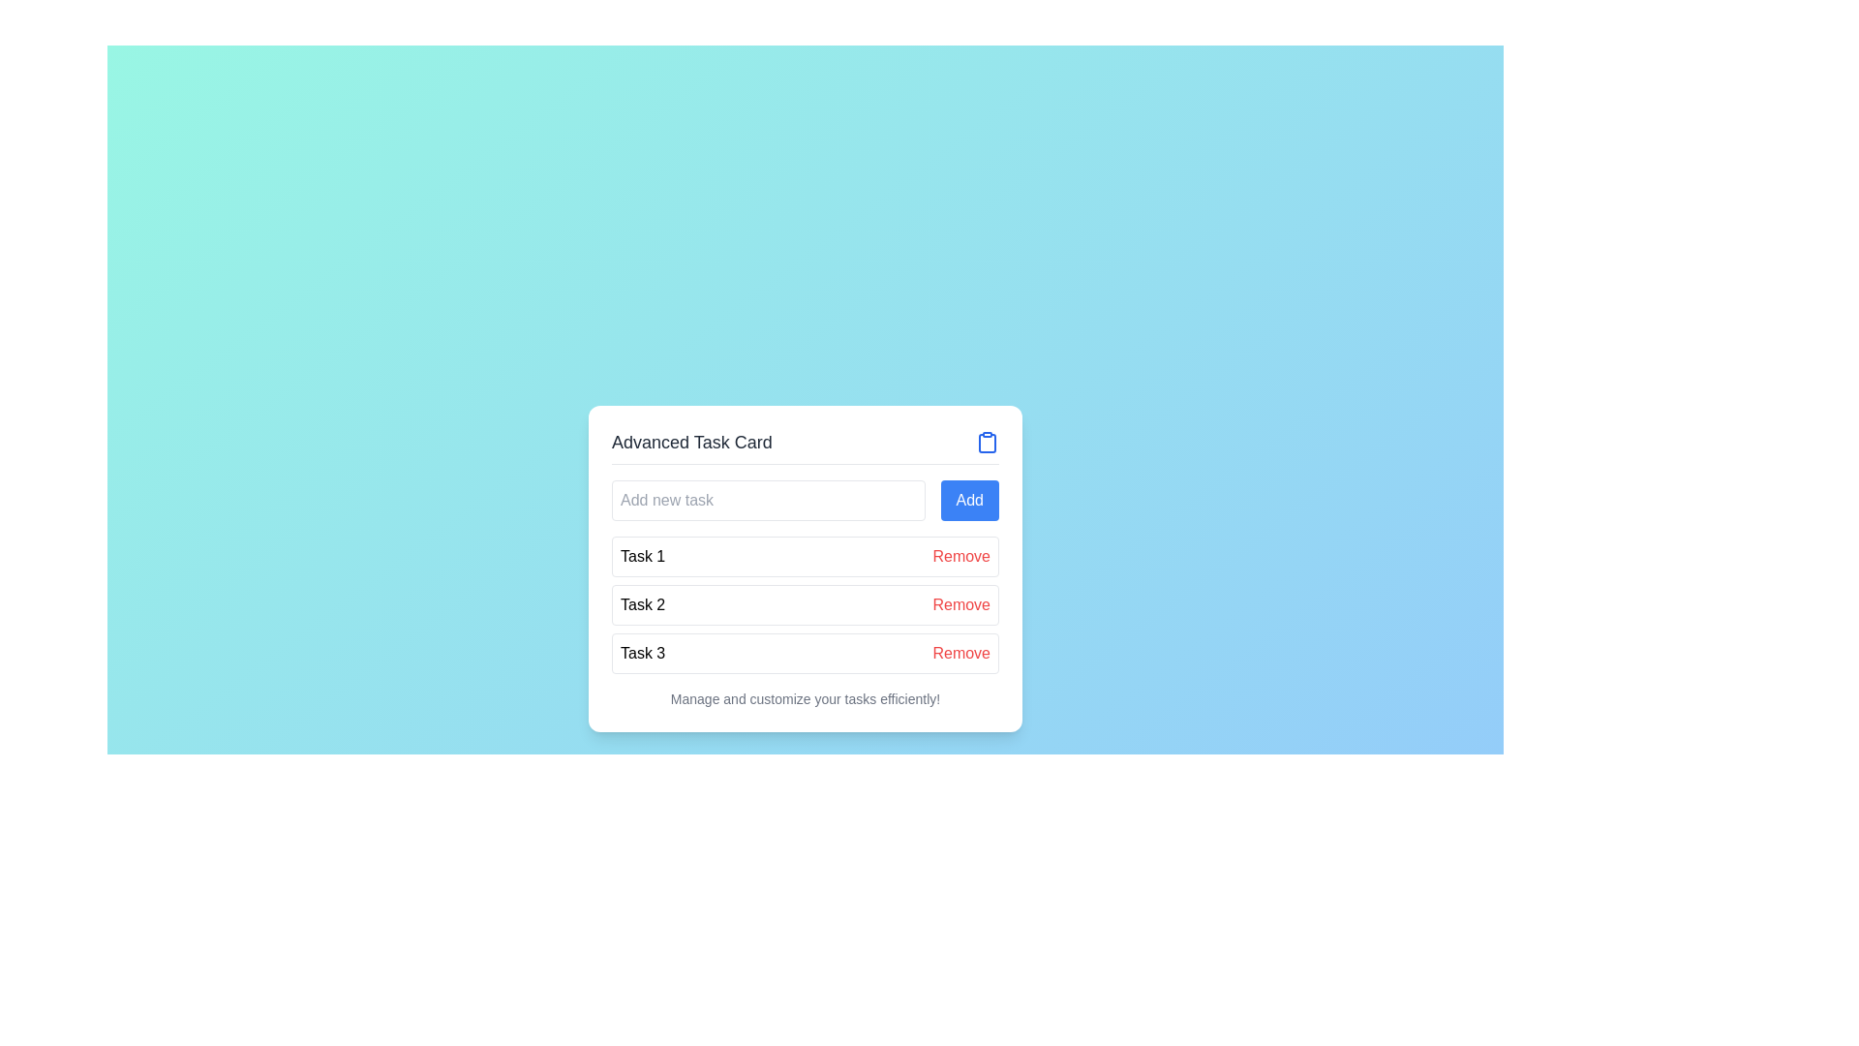 This screenshot has width=1859, height=1046. I want to click on the static text label identifying the first task in the list, located to the left of the 'Remove' button and beneath the 'Add new task' input field, so click(643, 556).